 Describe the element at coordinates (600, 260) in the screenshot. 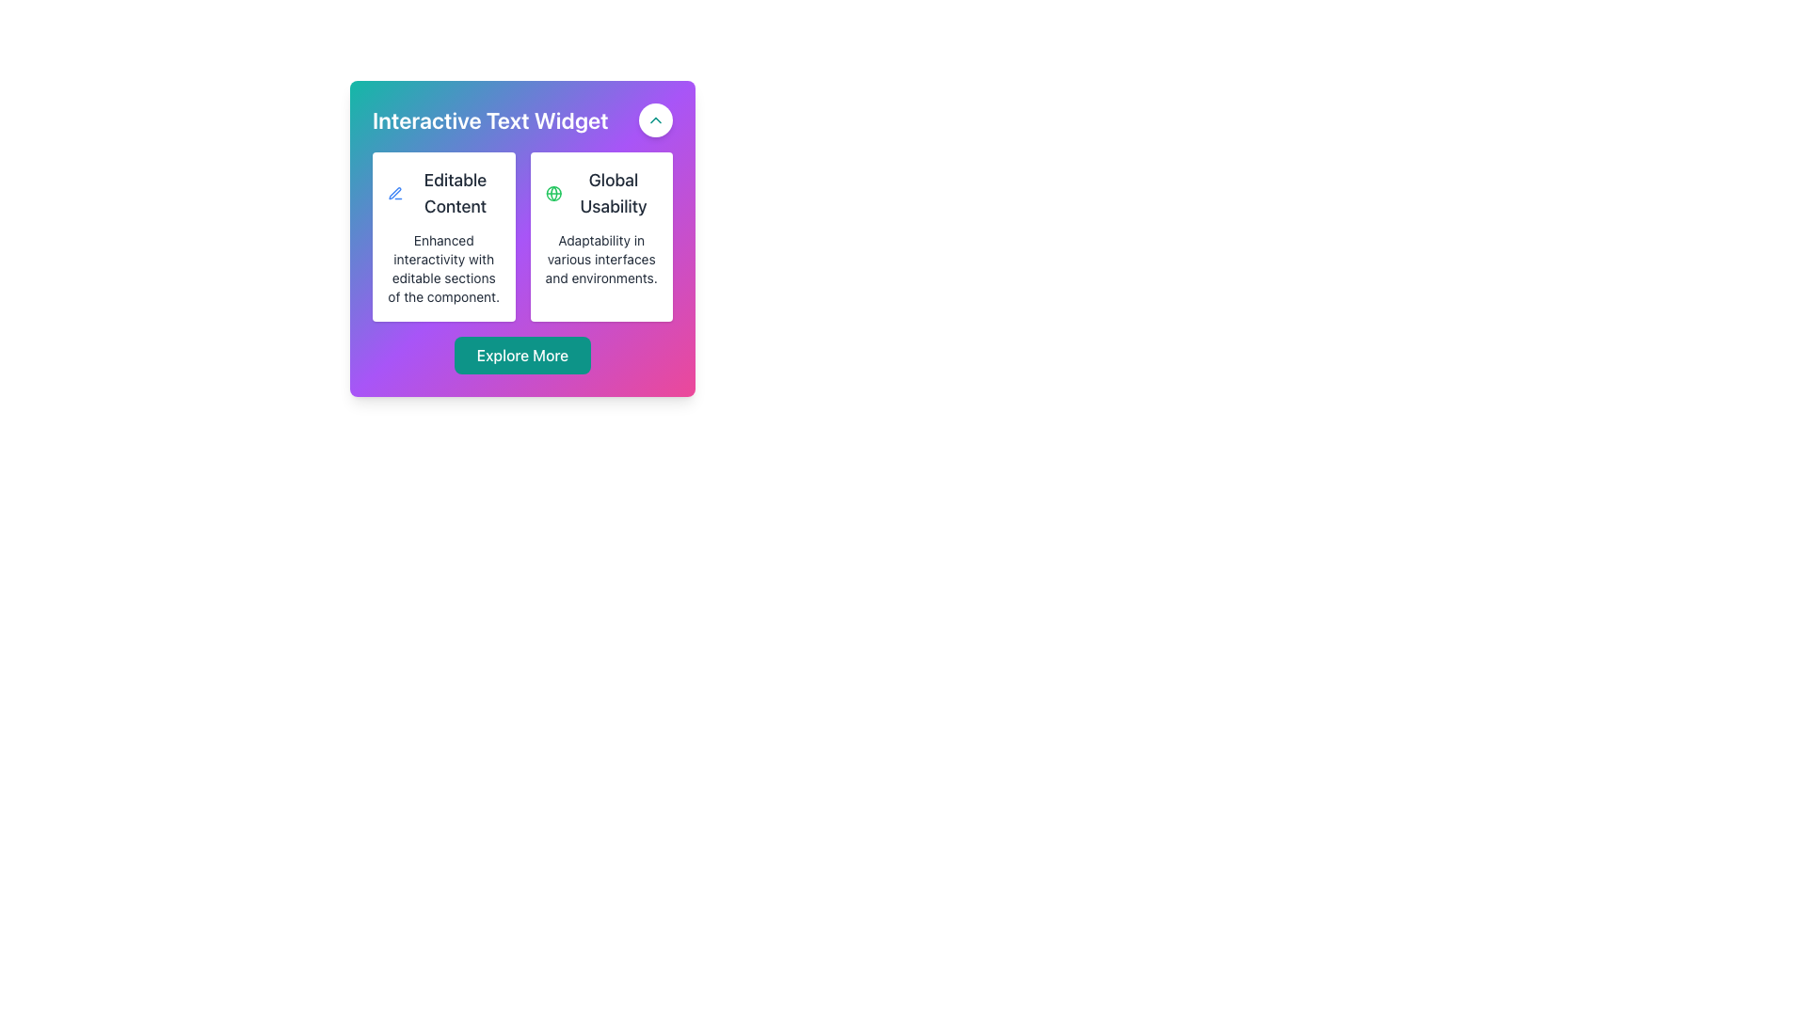

I see `the text label providing additional descriptive information about 'Global Usability', located within the right-hand card of the widget` at that location.